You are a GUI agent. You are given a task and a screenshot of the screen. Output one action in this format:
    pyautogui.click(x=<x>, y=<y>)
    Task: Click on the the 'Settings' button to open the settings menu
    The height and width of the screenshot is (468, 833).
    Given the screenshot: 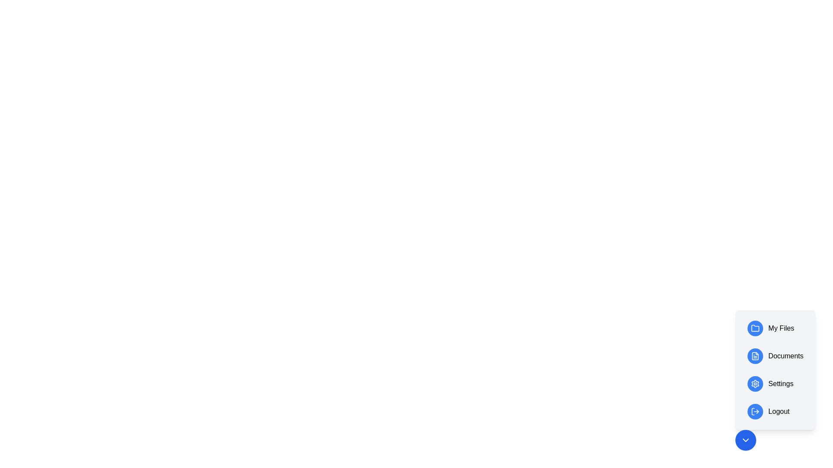 What is the action you would take?
    pyautogui.click(x=775, y=383)
    